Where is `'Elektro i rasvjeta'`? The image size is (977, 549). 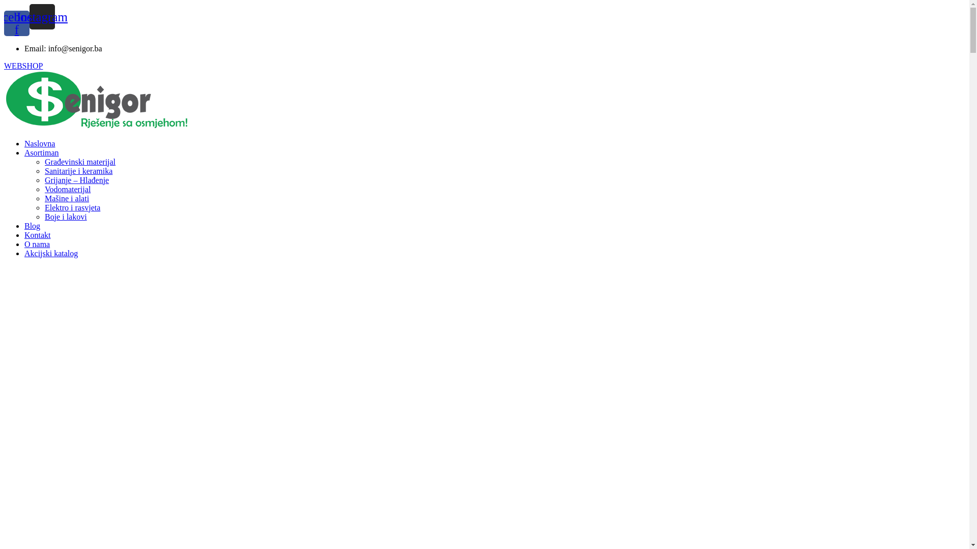
'Elektro i rasvjeta' is located at coordinates (44, 207).